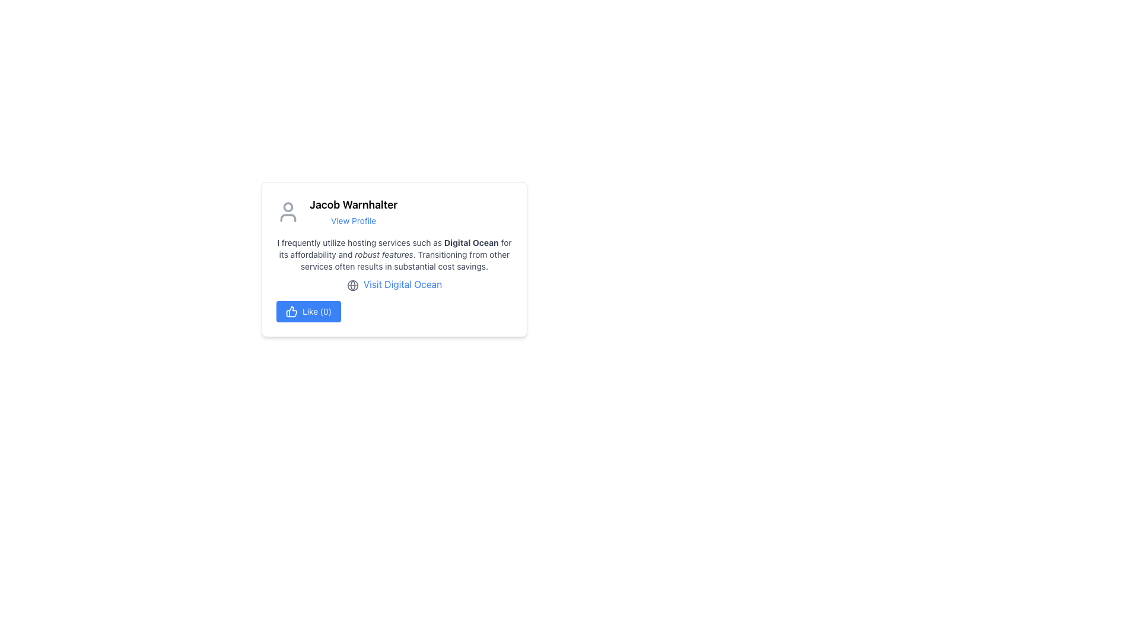 This screenshot has height=640, width=1139. I want to click on the thumbs-up icon for the 'Like (0)' button located in the lower-left section of the profile card, so click(291, 311).